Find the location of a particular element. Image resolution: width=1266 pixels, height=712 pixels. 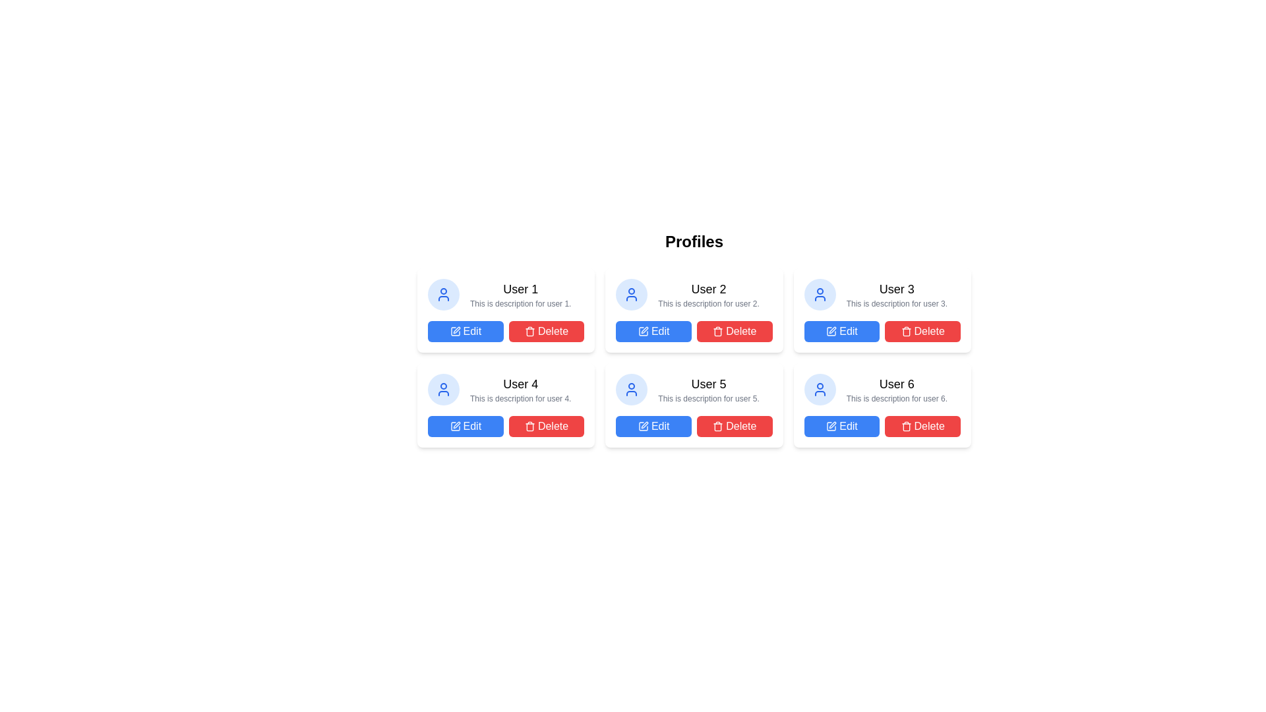

the red 'Delete' button with a white label and trash icon is located at coordinates (734, 330).